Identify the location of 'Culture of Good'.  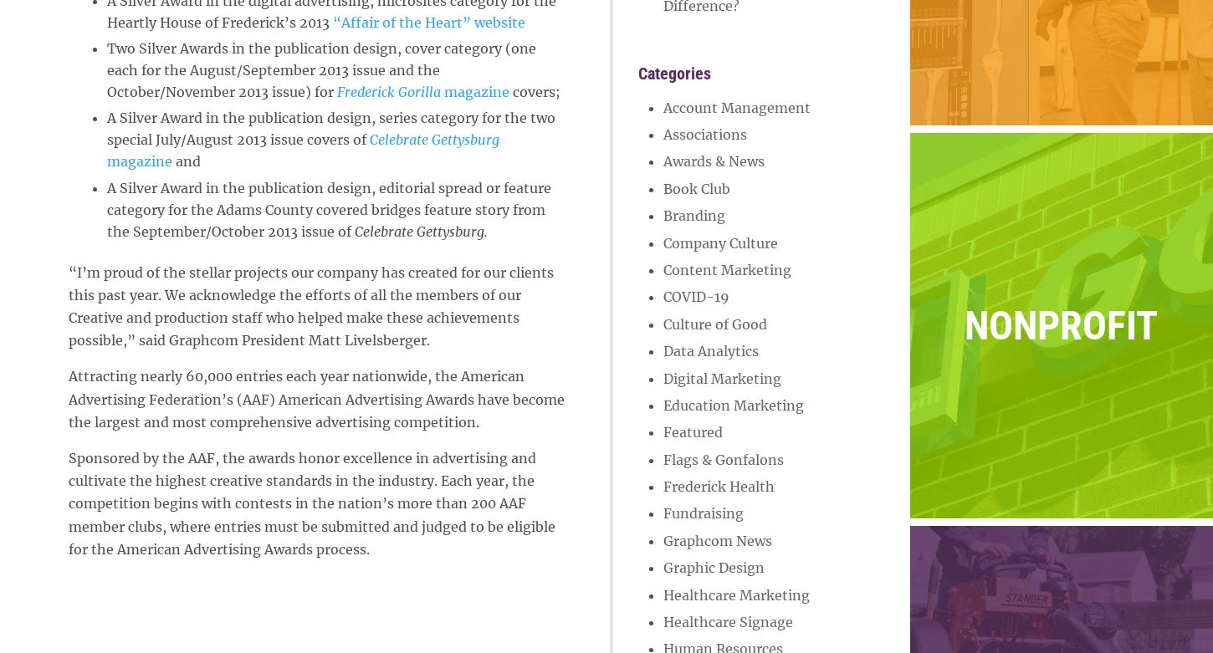
(714, 323).